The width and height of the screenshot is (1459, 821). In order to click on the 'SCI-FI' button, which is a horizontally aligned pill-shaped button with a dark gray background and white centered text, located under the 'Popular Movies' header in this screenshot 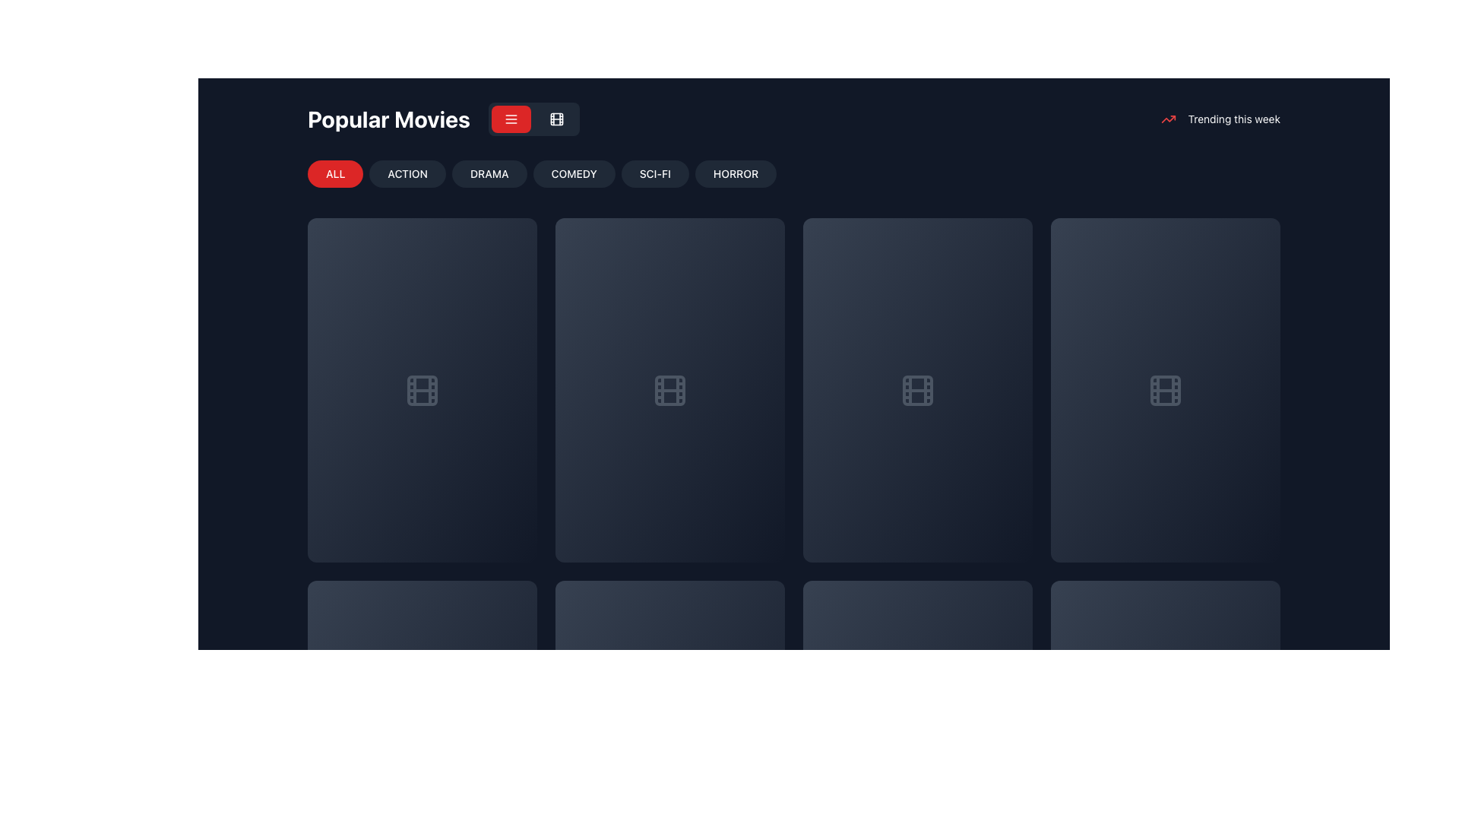, I will do `click(655, 173)`.